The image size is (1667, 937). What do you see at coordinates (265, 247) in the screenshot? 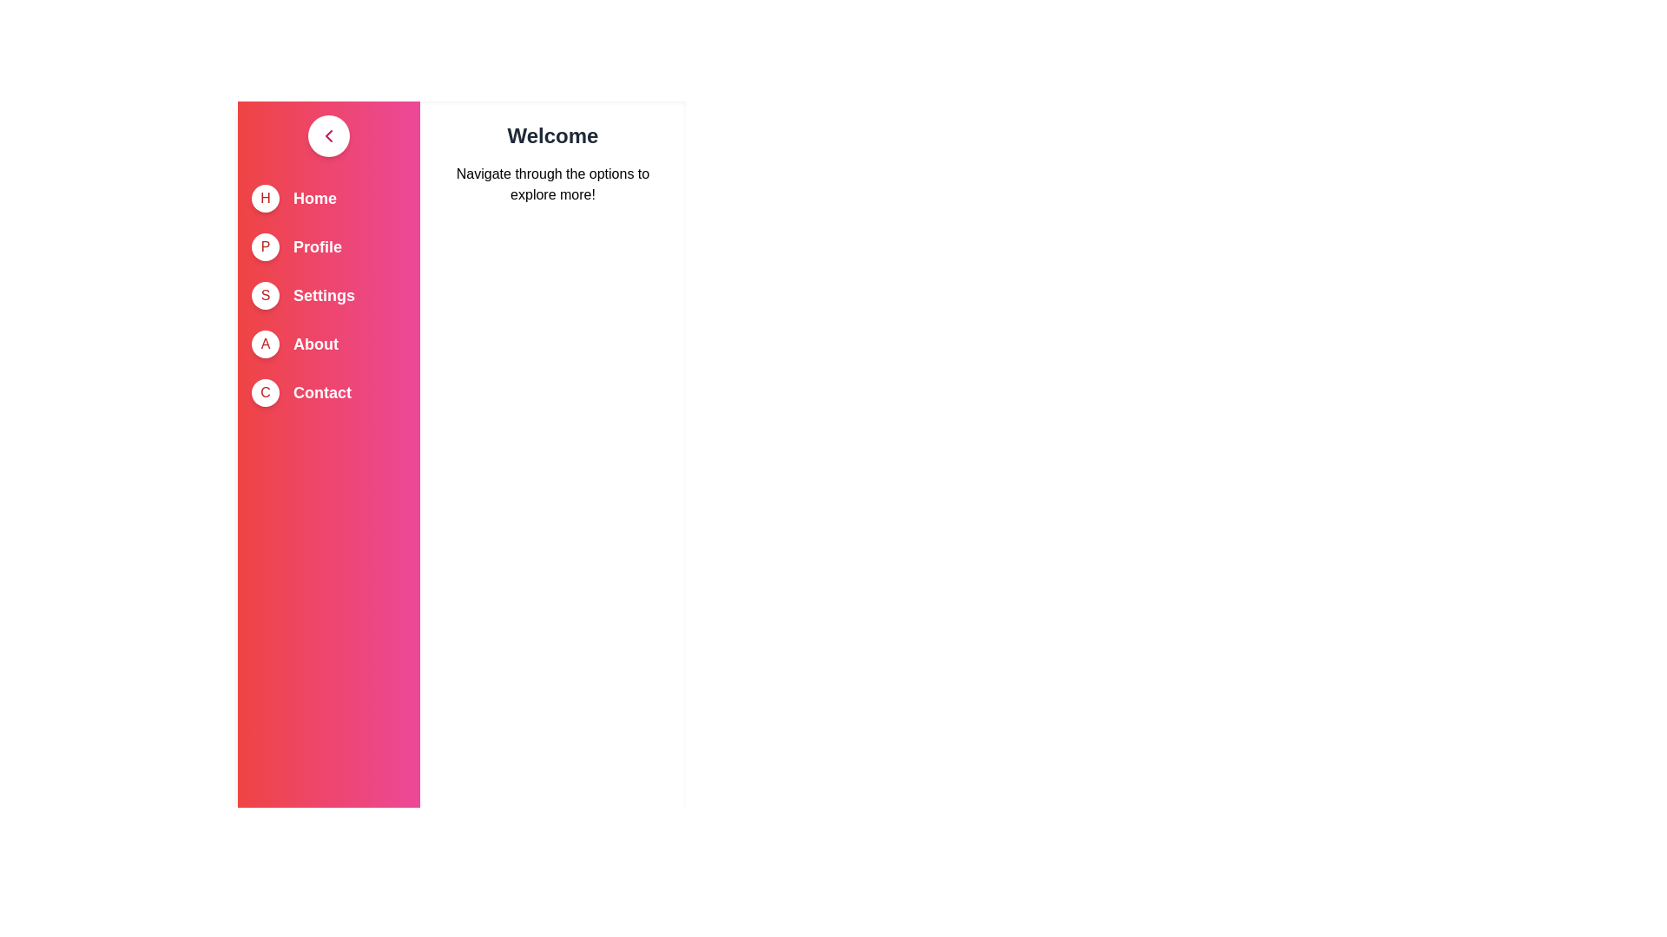
I see `the circle icon corresponding to Profile` at bounding box center [265, 247].